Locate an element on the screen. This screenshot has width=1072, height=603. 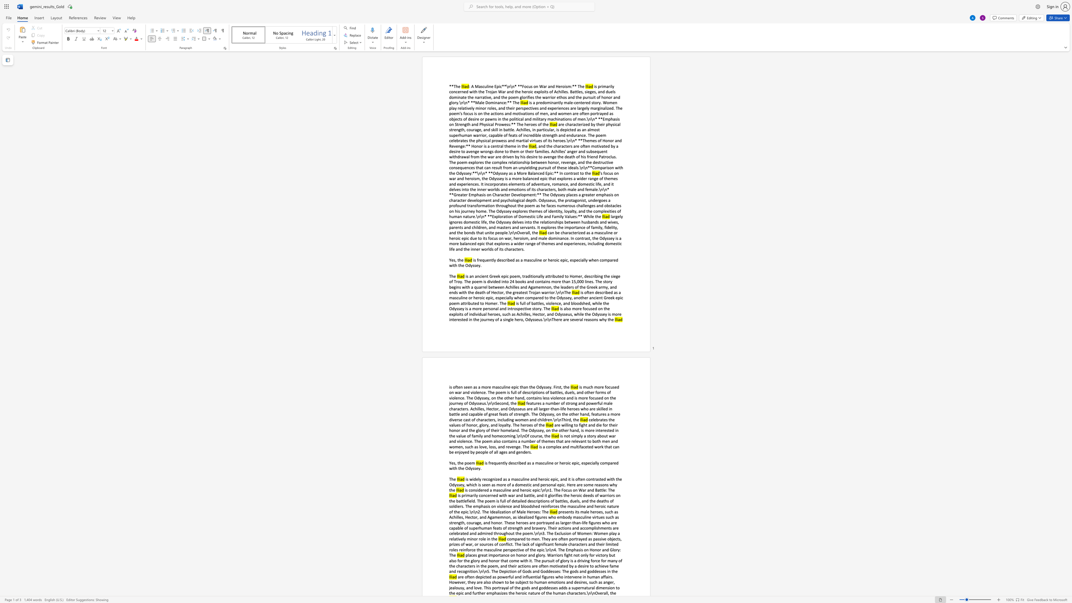
the subset text "arents and children, and mast" within the text "largely ignores domestic life, the Odyssey delves into the relationships between husbands and wives, parents and children, and masters and servants. It explores the importance of family, fidelity, and the bonds that unite people.\n\nOverall, the" is located at coordinates (451, 227).